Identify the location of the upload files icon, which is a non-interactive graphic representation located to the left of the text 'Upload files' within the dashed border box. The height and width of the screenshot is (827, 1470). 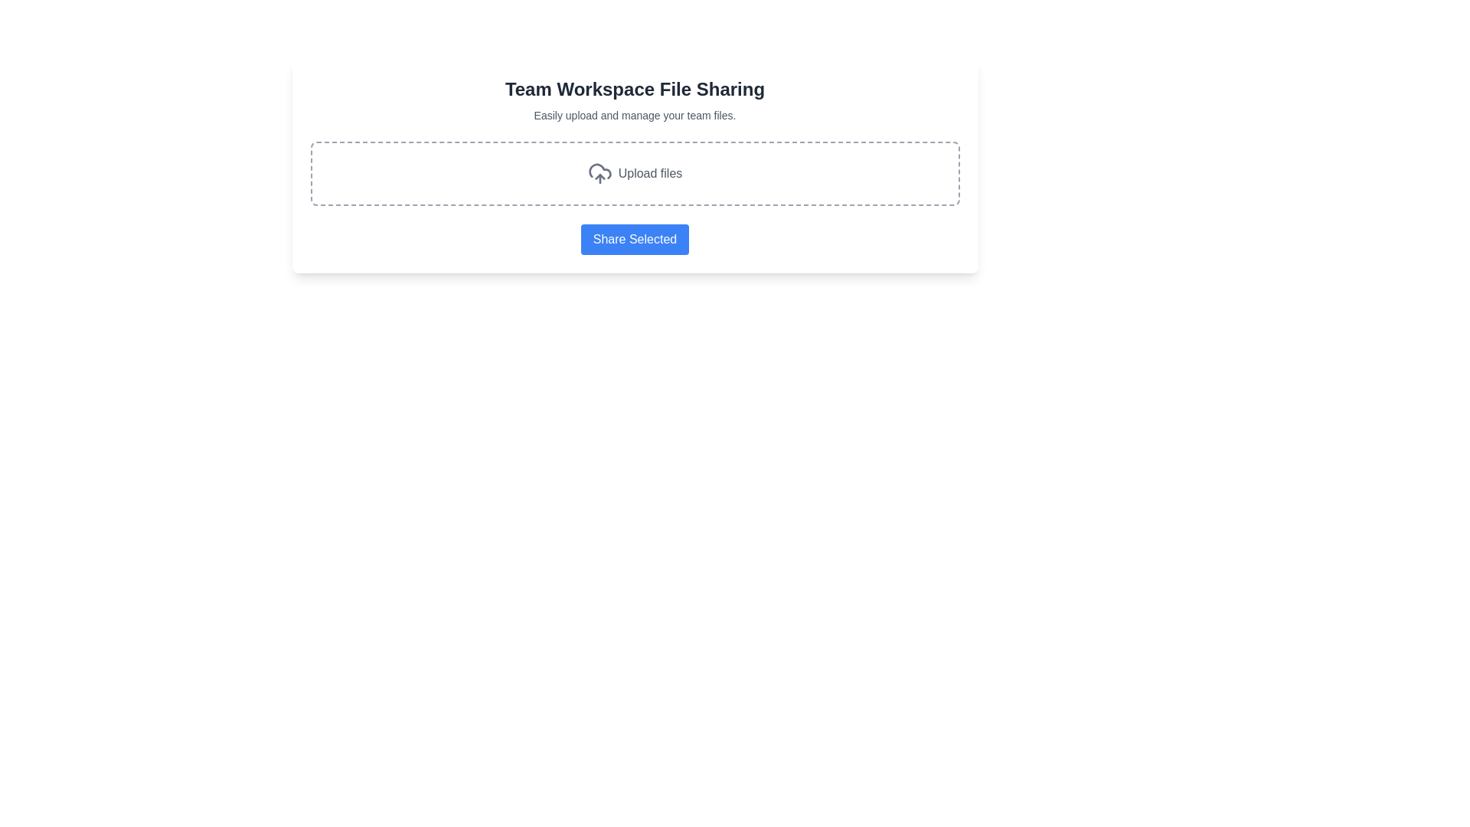
(599, 173).